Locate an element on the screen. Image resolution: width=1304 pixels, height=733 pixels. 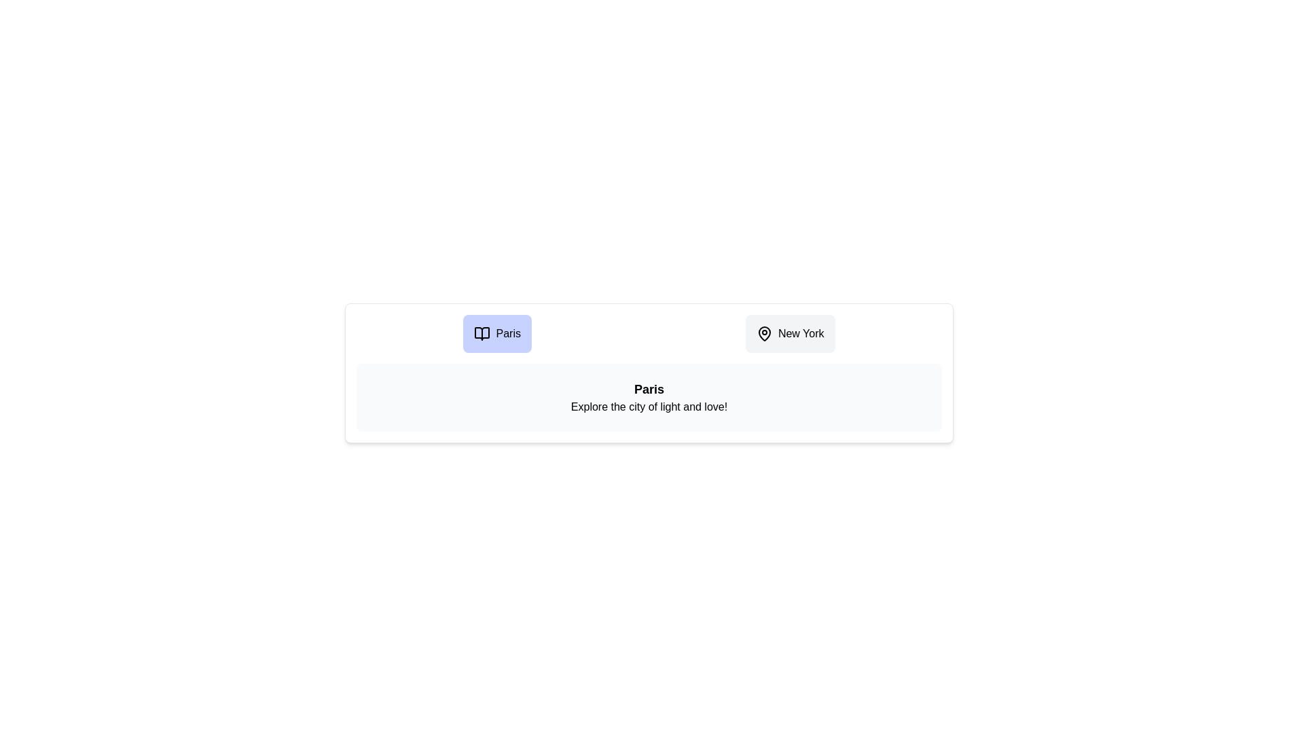
the destination icon for New York is located at coordinates (789, 334).